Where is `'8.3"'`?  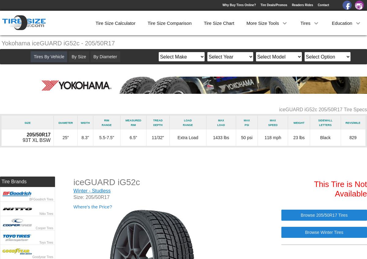 '8.3"' is located at coordinates (81, 138).